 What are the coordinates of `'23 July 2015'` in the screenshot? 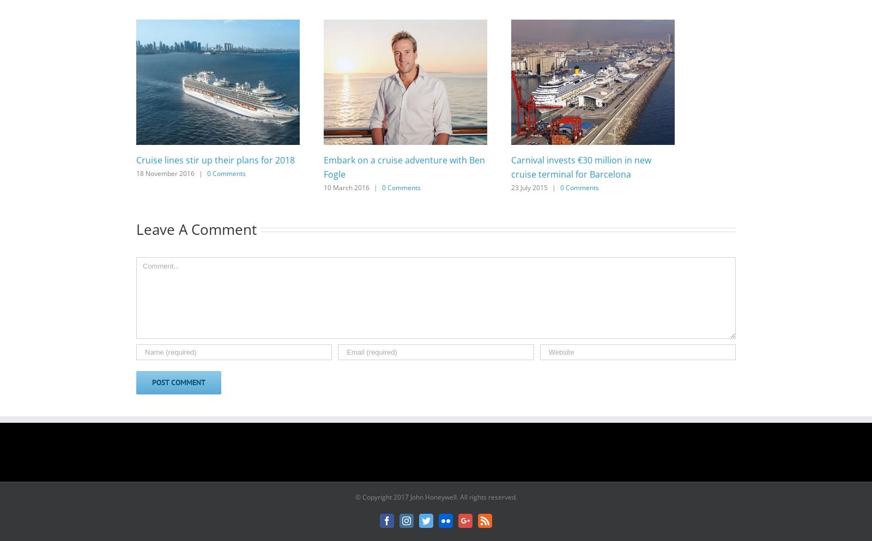 It's located at (529, 186).